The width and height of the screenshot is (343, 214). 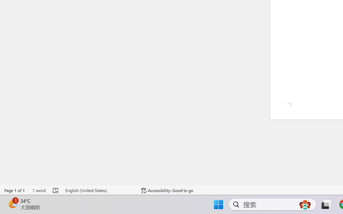 What do you see at coordinates (56, 190) in the screenshot?
I see `'Spelling and Grammar Check Errors'` at bounding box center [56, 190].